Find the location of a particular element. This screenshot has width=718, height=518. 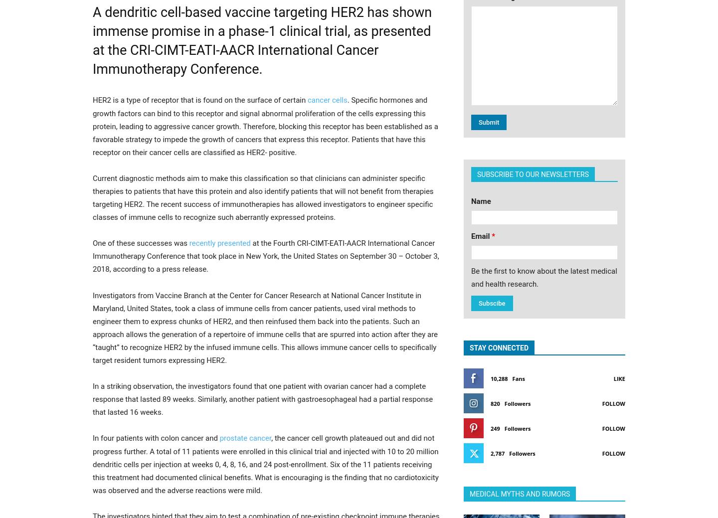

'Email' is located at coordinates (481, 235).